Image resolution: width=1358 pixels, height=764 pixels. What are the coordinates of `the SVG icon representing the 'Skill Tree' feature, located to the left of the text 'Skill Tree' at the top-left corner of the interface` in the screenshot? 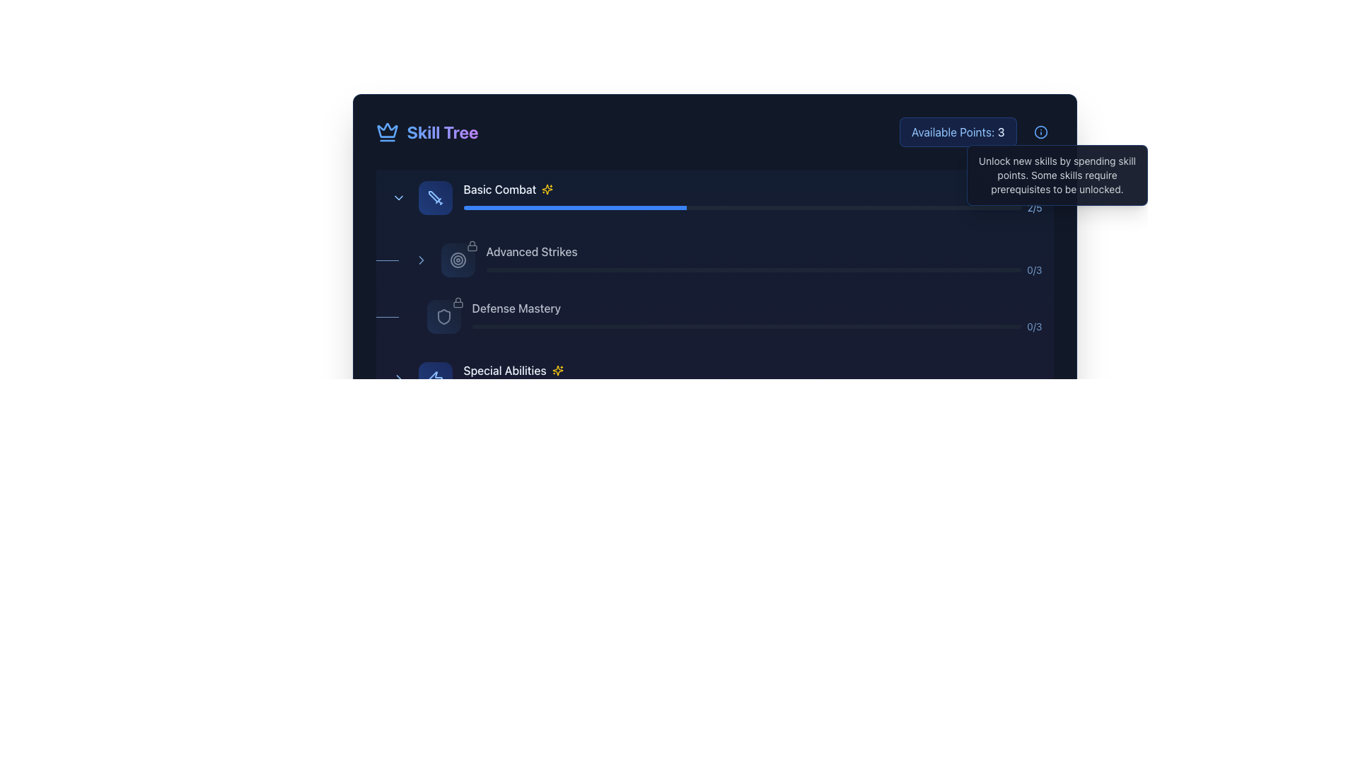 It's located at (387, 132).